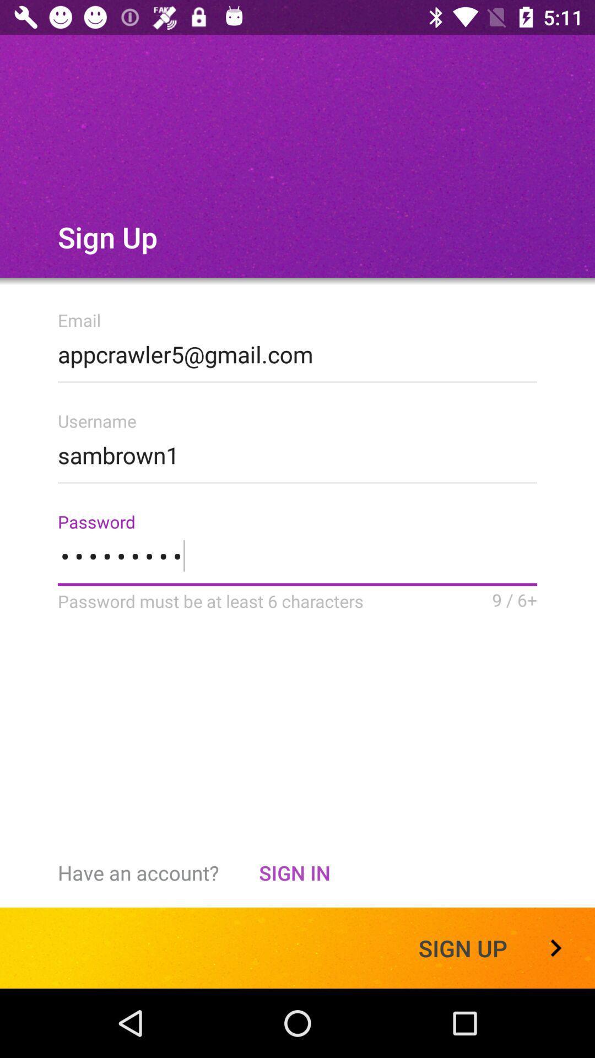 This screenshot has height=1058, width=595. What do you see at coordinates (297, 452) in the screenshot?
I see `the icon above crowd3116 icon` at bounding box center [297, 452].